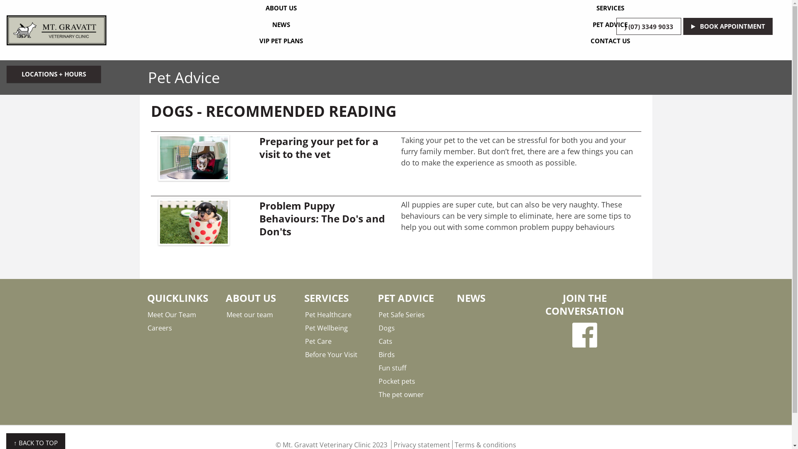 This screenshot has height=449, width=798. What do you see at coordinates (56, 30) in the screenshot?
I see `'Home'` at bounding box center [56, 30].